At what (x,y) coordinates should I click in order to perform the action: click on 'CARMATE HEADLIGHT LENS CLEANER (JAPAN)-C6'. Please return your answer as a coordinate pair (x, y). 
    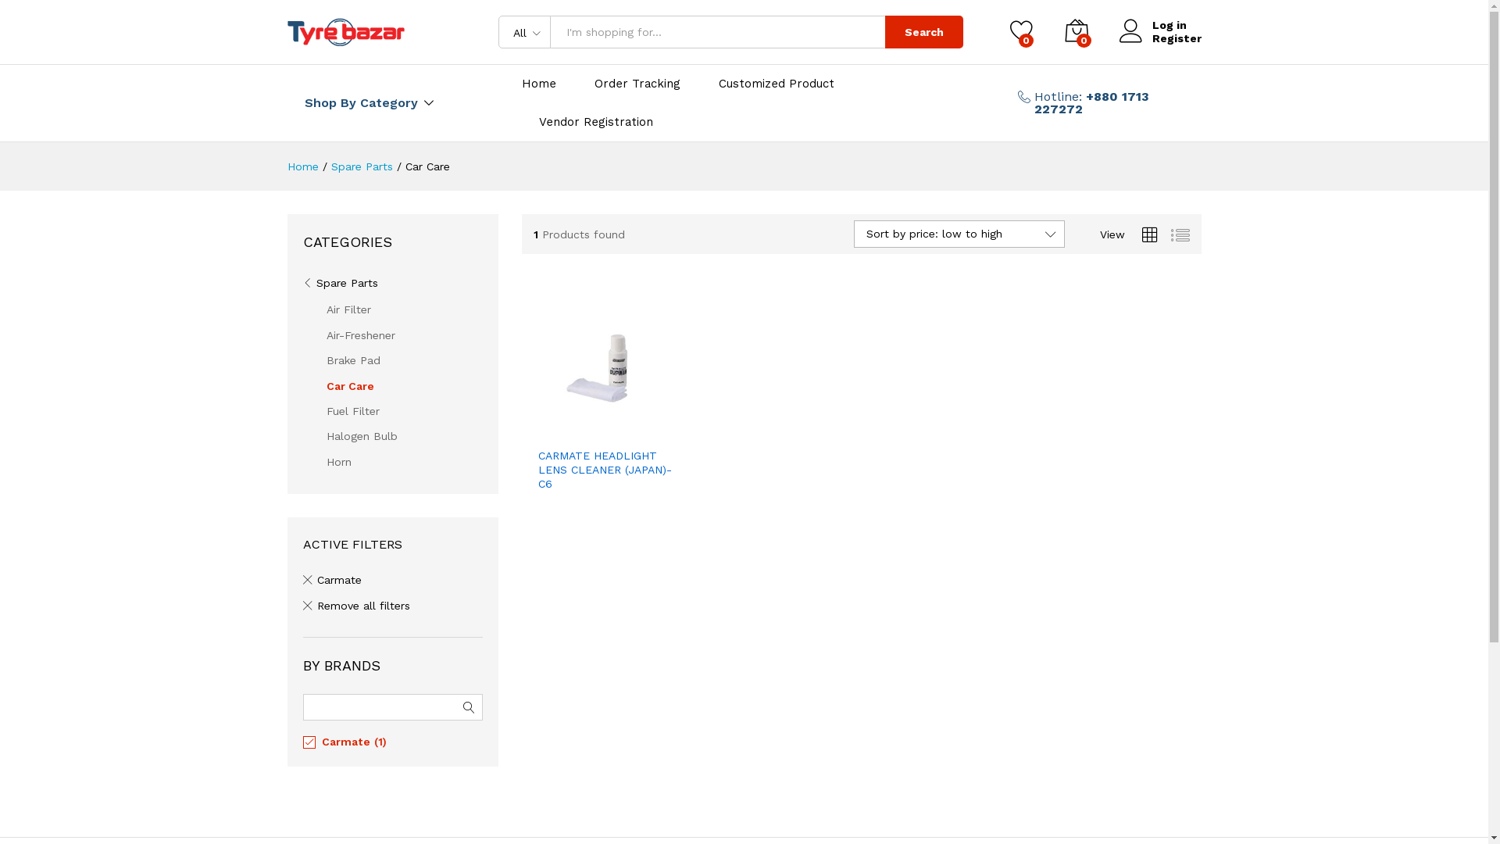
    Looking at the image, I should click on (605, 469).